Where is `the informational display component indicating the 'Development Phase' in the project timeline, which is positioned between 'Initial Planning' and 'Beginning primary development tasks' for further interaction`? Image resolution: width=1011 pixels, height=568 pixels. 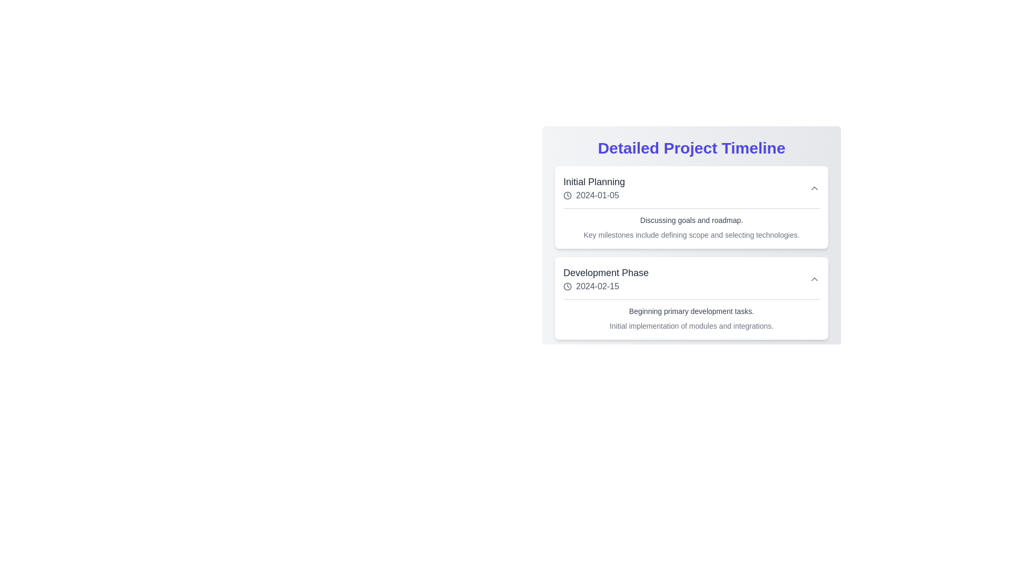 the informational display component indicating the 'Development Phase' in the project timeline, which is positioned between 'Initial Planning' and 'Beginning primary development tasks' for further interaction is located at coordinates (606, 279).